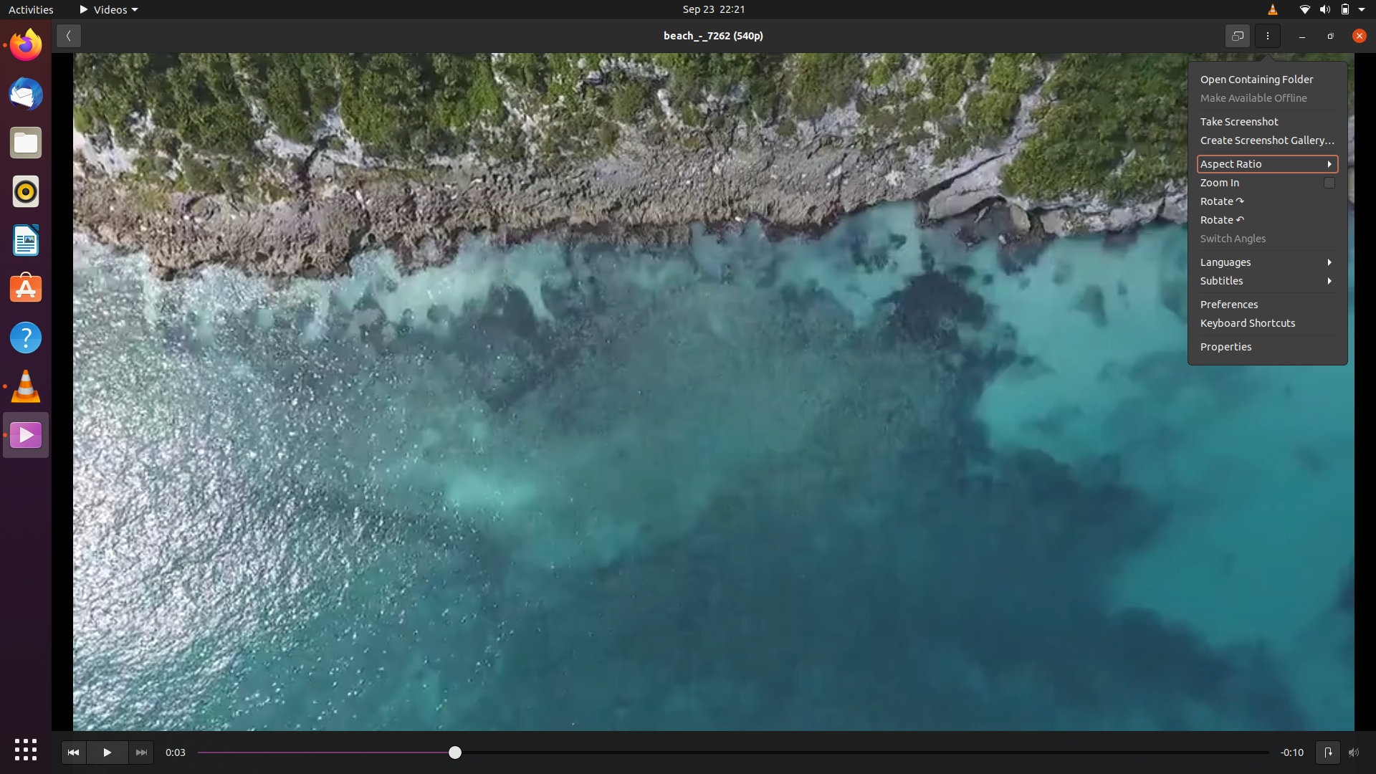 This screenshot has width=1376, height=774. I want to click on the video"s conclusion, so click(1244, 751).